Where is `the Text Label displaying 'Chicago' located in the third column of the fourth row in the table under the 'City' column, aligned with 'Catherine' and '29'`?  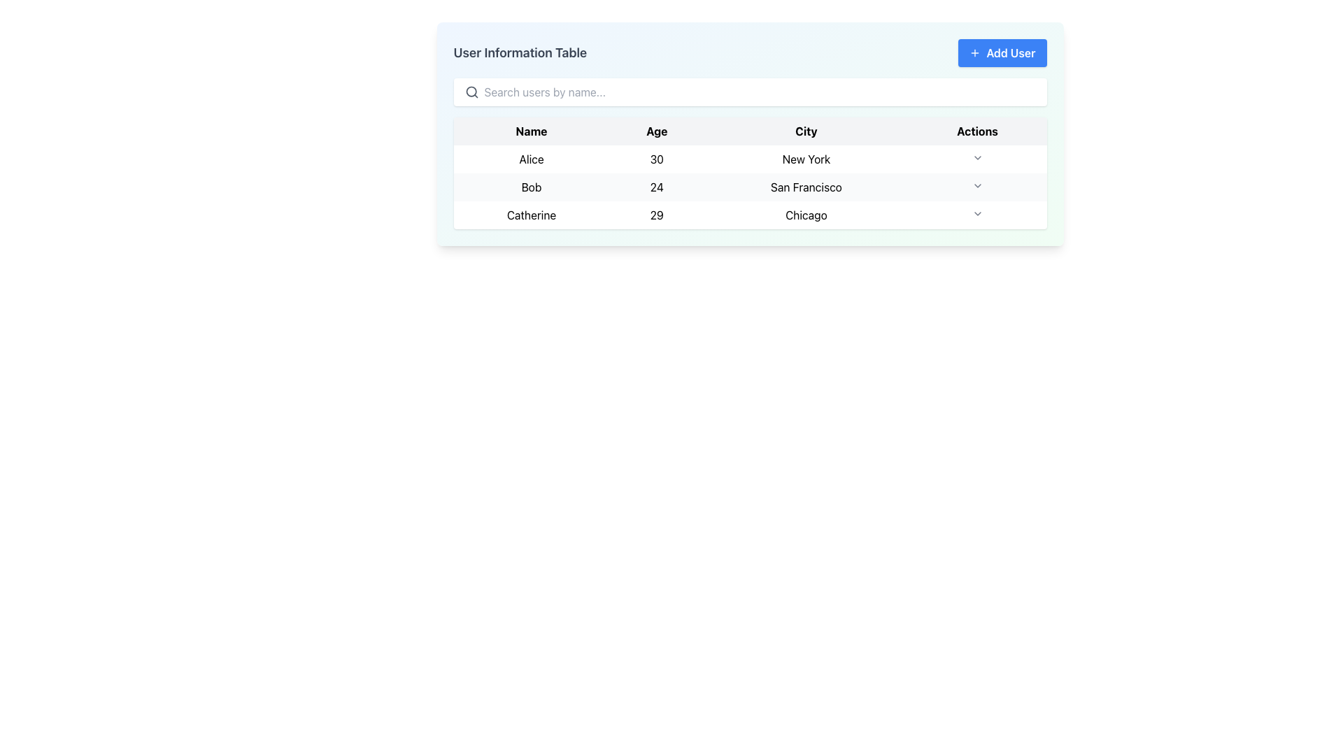
the Text Label displaying 'Chicago' located in the third column of the fourth row in the table under the 'City' column, aligned with 'Catherine' and '29' is located at coordinates (806, 215).